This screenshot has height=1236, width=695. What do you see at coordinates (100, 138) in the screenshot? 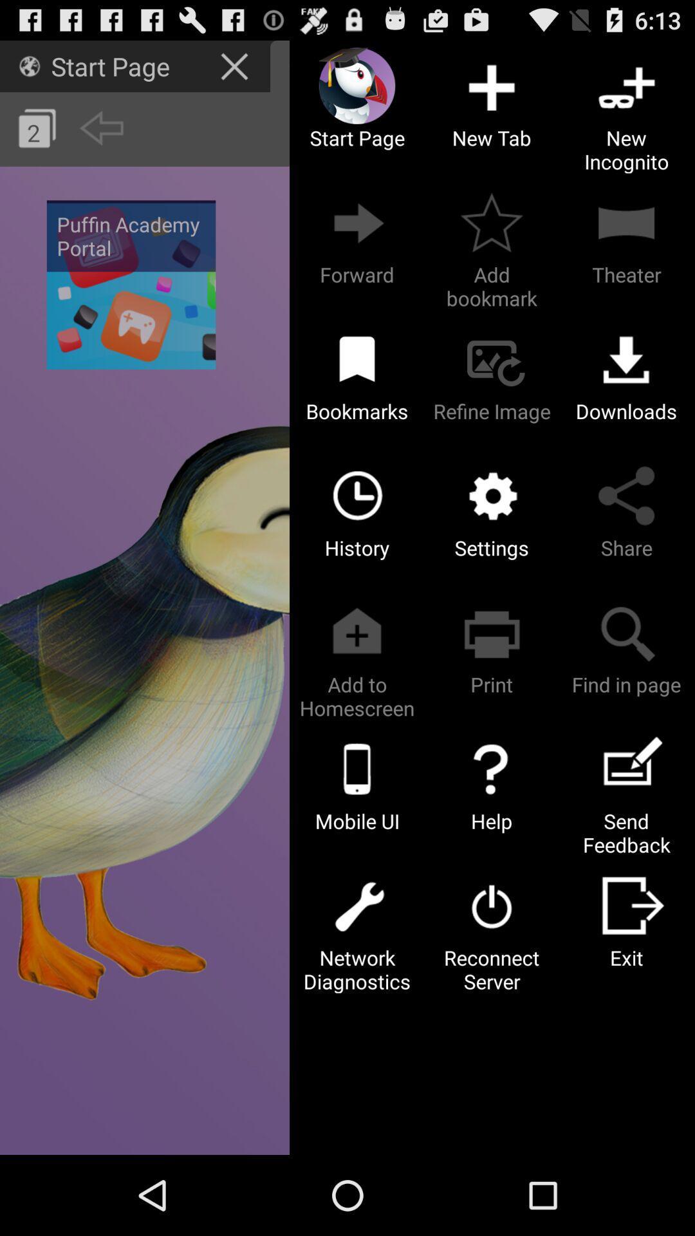
I see `the arrow_backward icon` at bounding box center [100, 138].